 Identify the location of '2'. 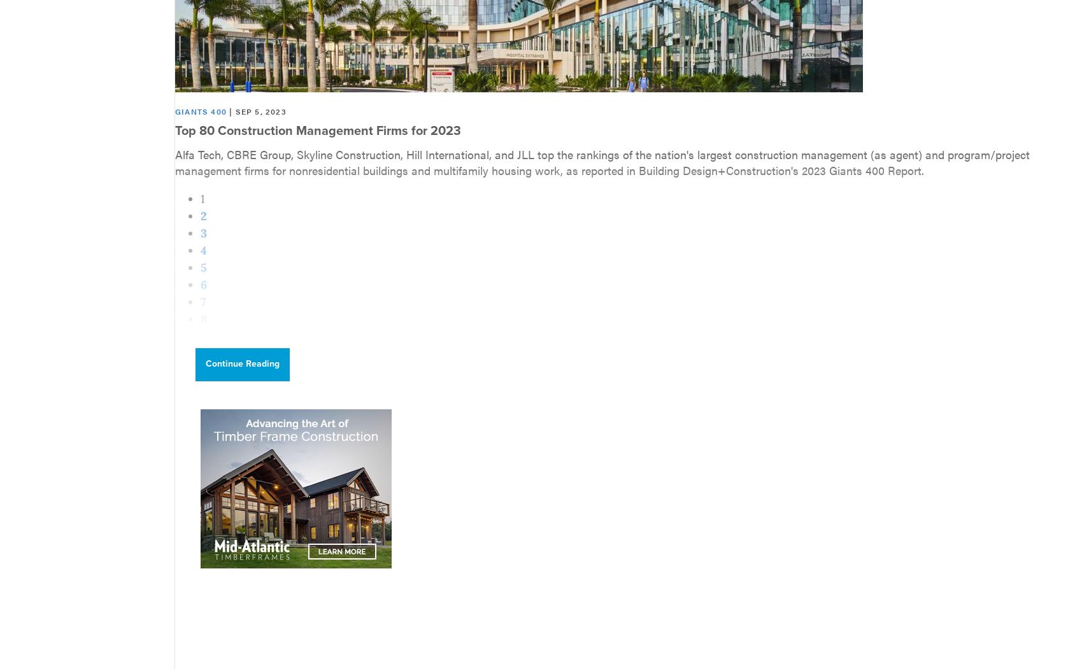
(199, 215).